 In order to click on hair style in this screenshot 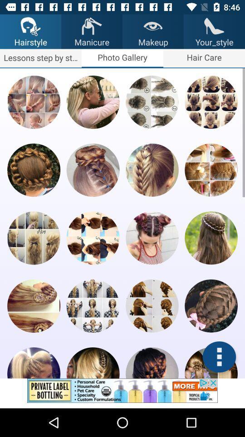, I will do `click(33, 306)`.